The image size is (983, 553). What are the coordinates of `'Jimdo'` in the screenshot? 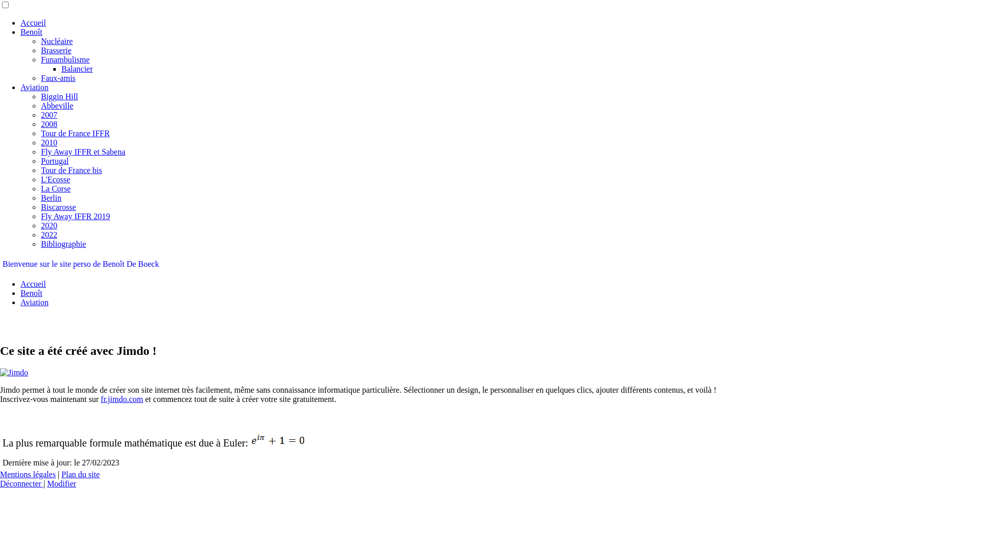 It's located at (14, 373).